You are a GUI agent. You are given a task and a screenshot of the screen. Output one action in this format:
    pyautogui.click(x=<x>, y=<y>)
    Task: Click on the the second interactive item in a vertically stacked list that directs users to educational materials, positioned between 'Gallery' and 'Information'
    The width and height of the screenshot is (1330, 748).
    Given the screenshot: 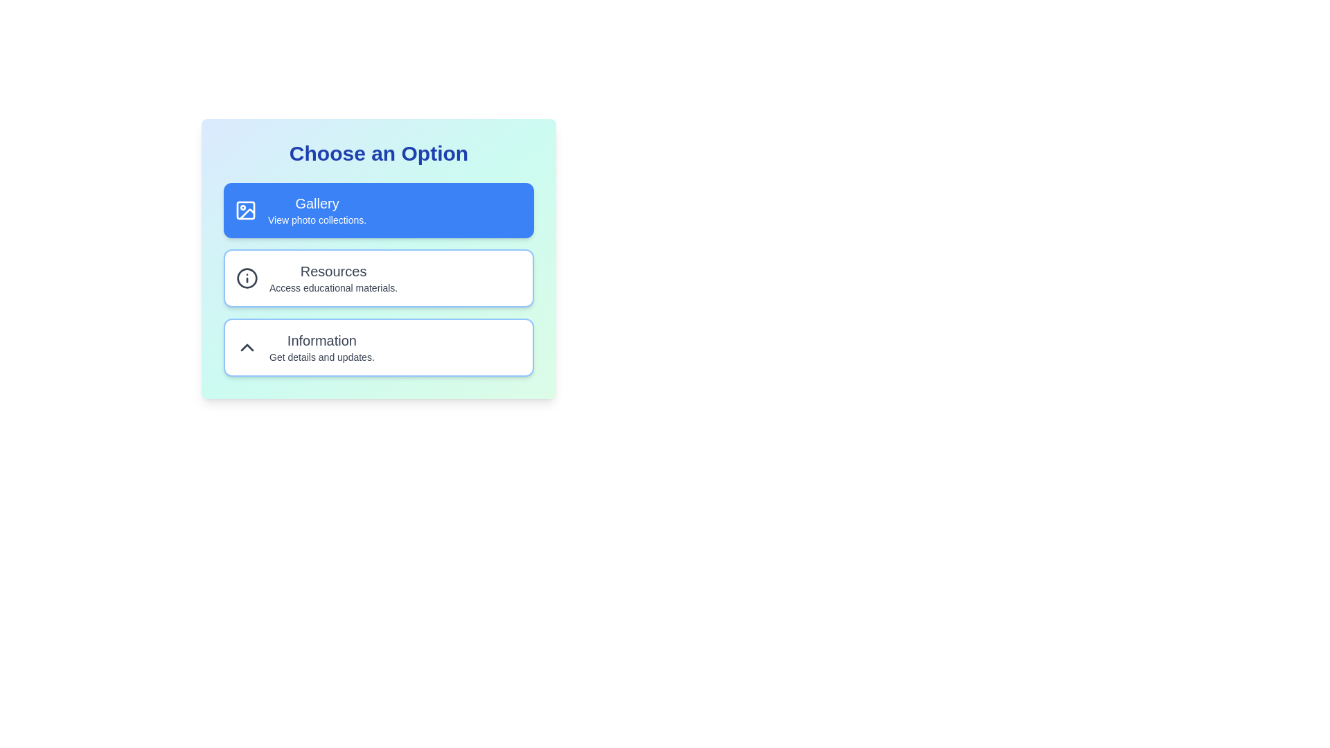 What is the action you would take?
    pyautogui.click(x=333, y=278)
    